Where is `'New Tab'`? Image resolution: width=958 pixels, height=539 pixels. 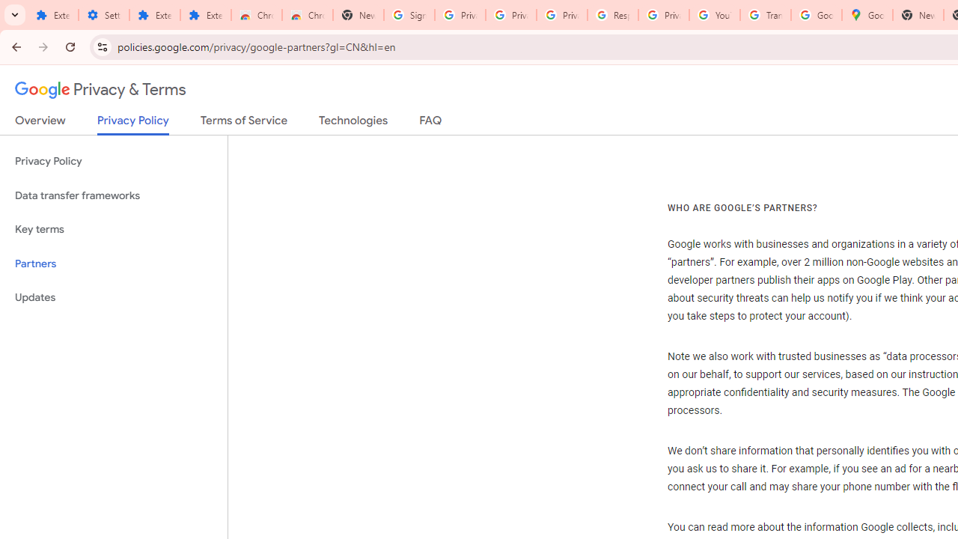
'New Tab' is located at coordinates (358, 15).